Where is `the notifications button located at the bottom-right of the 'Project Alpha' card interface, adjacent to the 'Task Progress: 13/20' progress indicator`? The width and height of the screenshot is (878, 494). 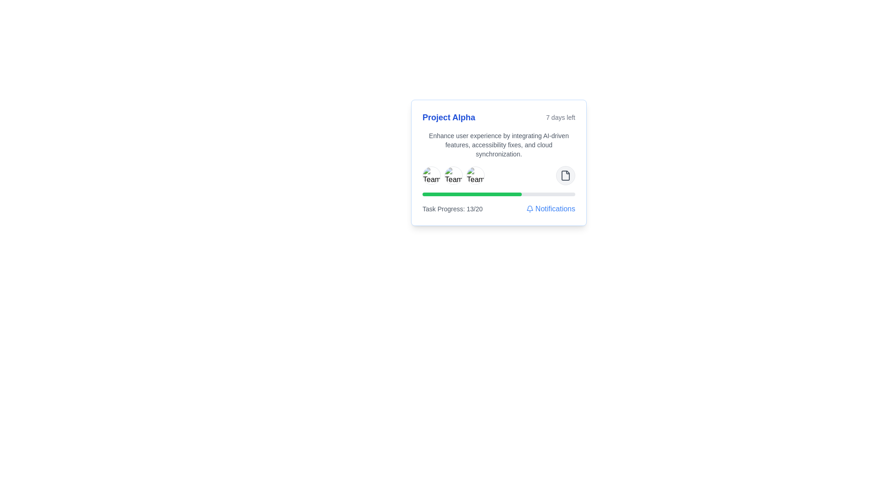
the notifications button located at the bottom-right of the 'Project Alpha' card interface, adjacent to the 'Task Progress: 13/20' progress indicator is located at coordinates (550, 209).